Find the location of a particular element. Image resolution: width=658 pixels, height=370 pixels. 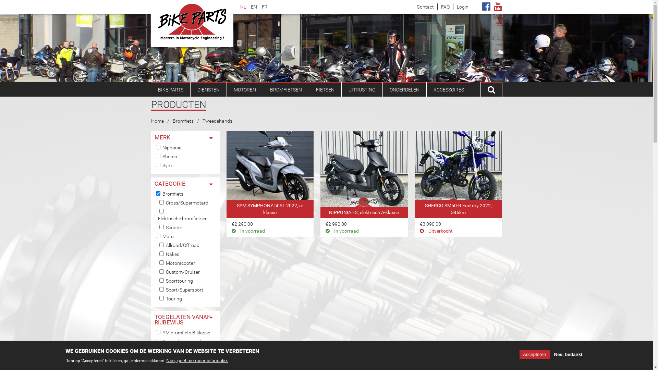

'FAQ' is located at coordinates (445, 7).